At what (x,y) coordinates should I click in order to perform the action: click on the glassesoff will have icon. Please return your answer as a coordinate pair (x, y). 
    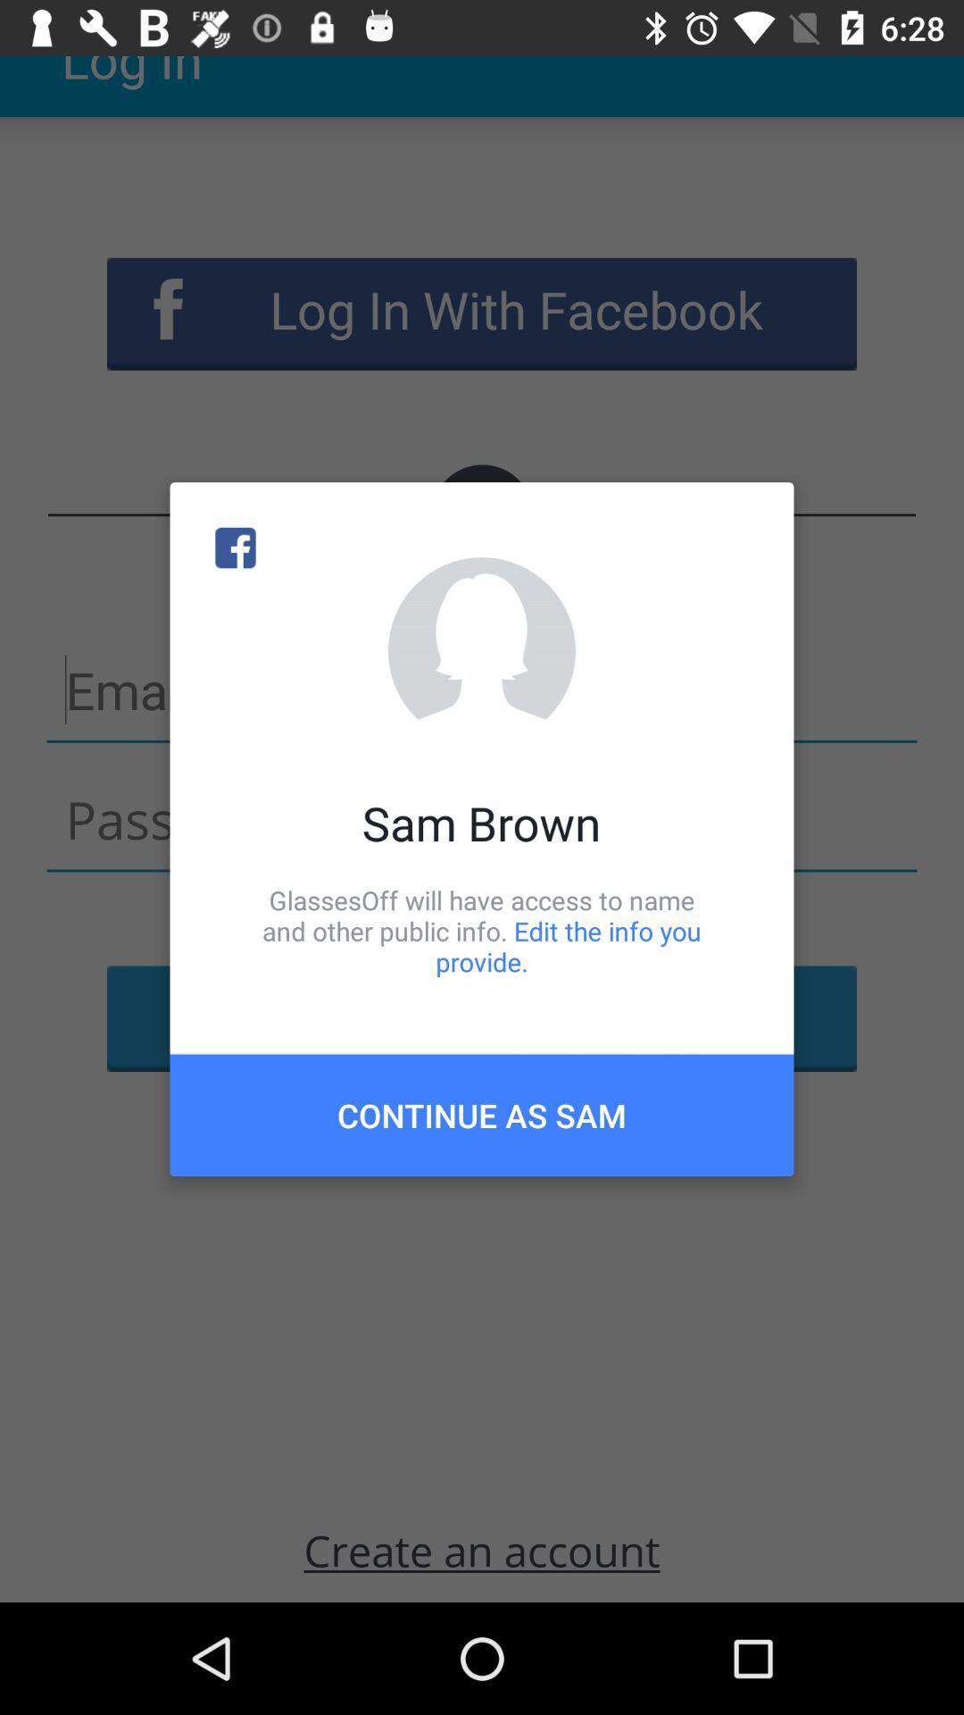
    Looking at the image, I should click on (482, 930).